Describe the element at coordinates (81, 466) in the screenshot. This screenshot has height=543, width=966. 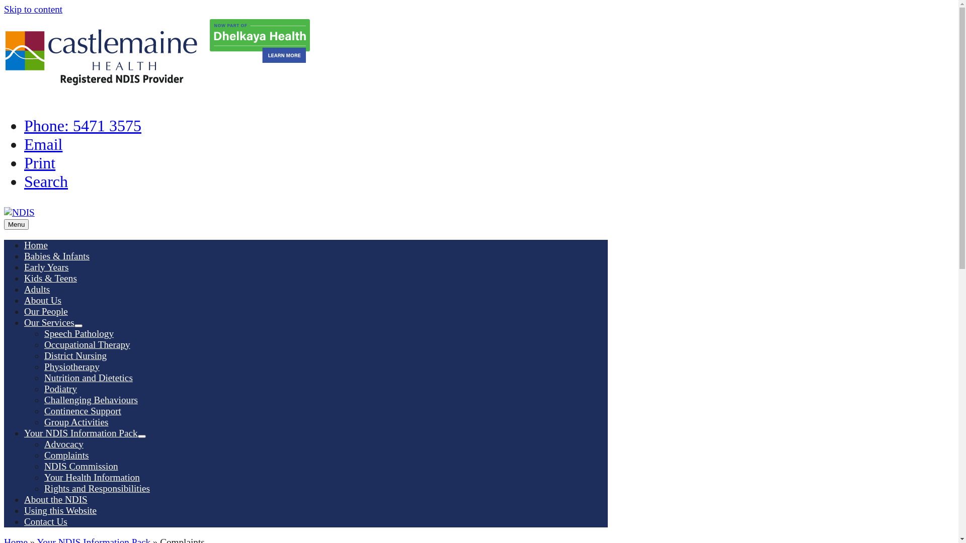
I see `'NDIS Commission'` at that location.